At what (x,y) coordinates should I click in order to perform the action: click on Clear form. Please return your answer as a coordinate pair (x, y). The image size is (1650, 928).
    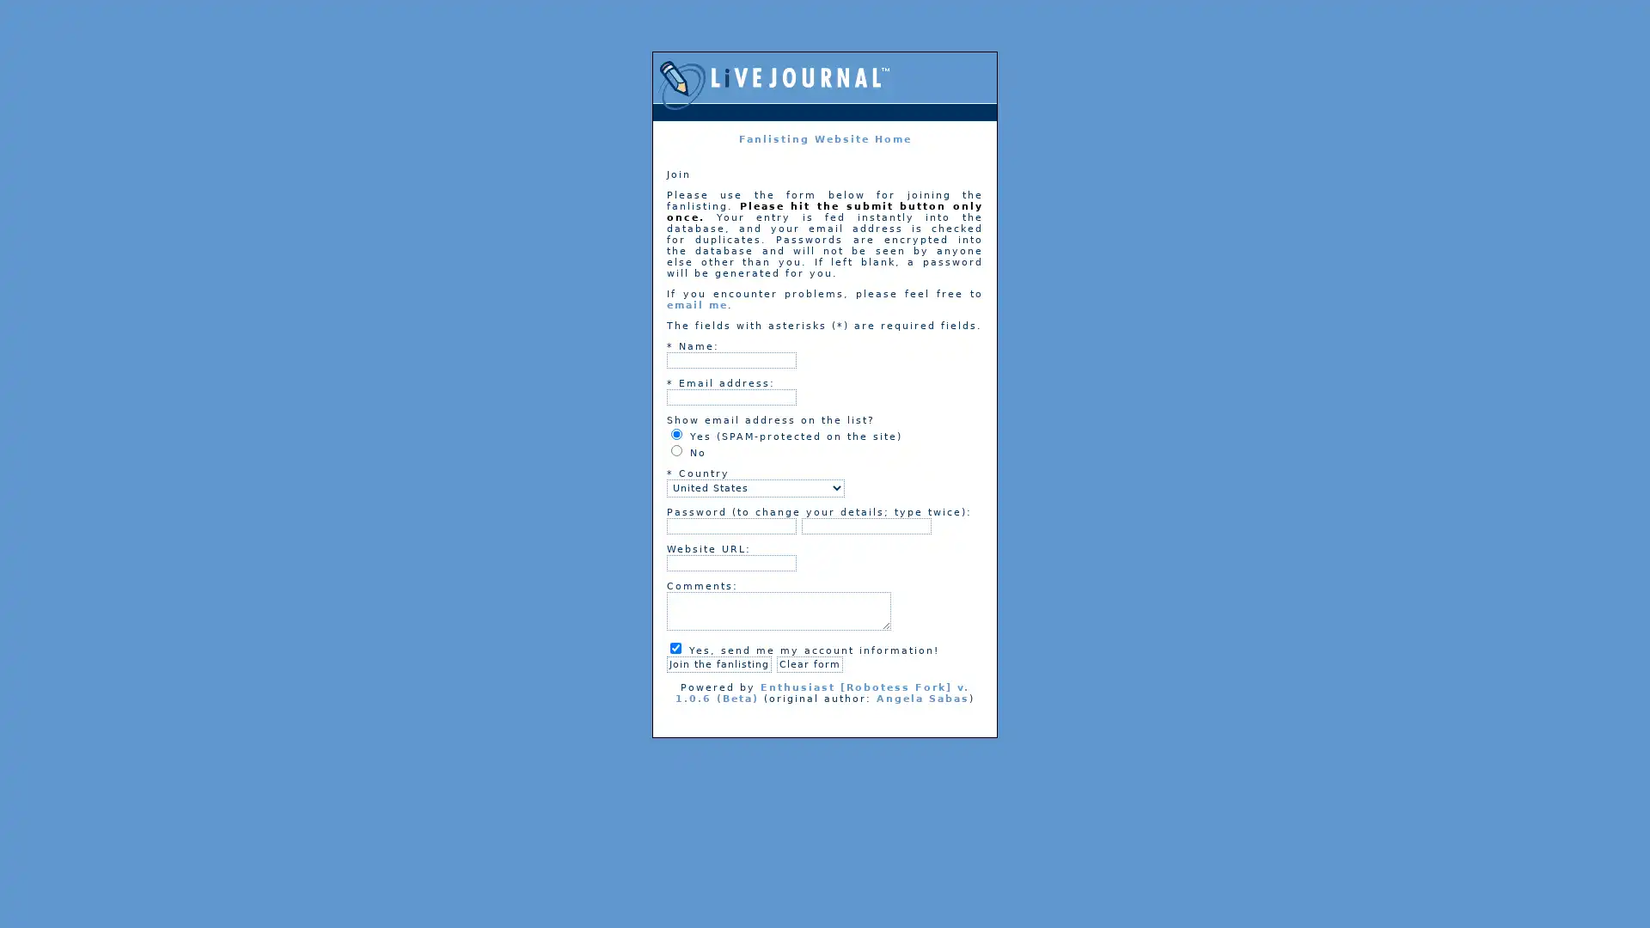
    Looking at the image, I should click on (809, 663).